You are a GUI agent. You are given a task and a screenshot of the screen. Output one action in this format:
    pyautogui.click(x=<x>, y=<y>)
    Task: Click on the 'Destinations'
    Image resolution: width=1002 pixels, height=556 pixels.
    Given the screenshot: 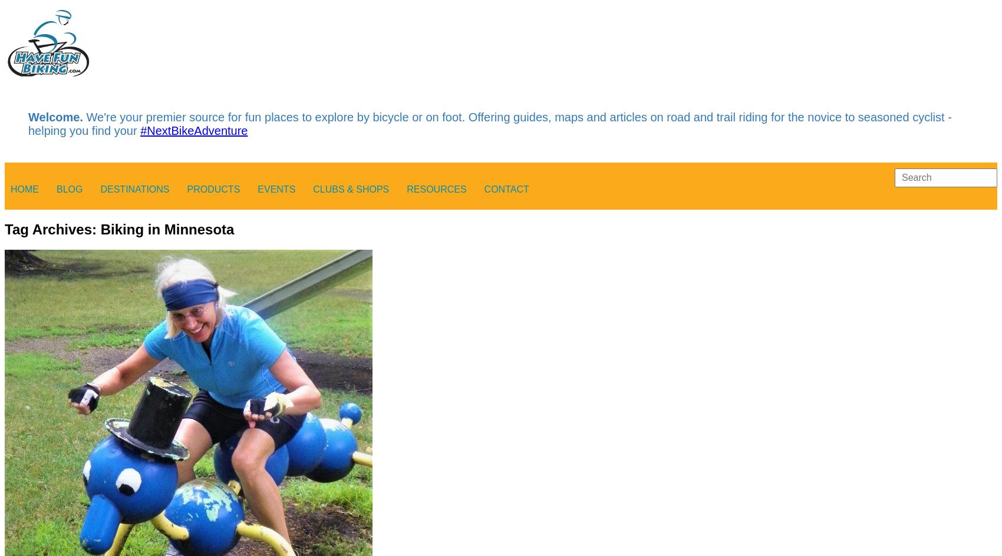 What is the action you would take?
    pyautogui.click(x=100, y=188)
    